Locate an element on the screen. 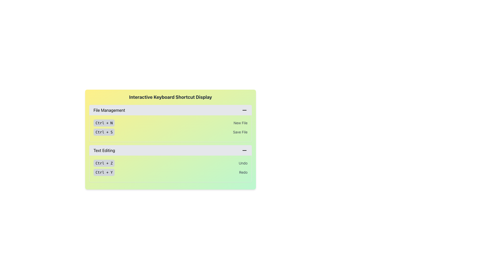 This screenshot has width=488, height=275. the minus icon located on the far right side of the 'Text Editing' section is located at coordinates (244, 150).